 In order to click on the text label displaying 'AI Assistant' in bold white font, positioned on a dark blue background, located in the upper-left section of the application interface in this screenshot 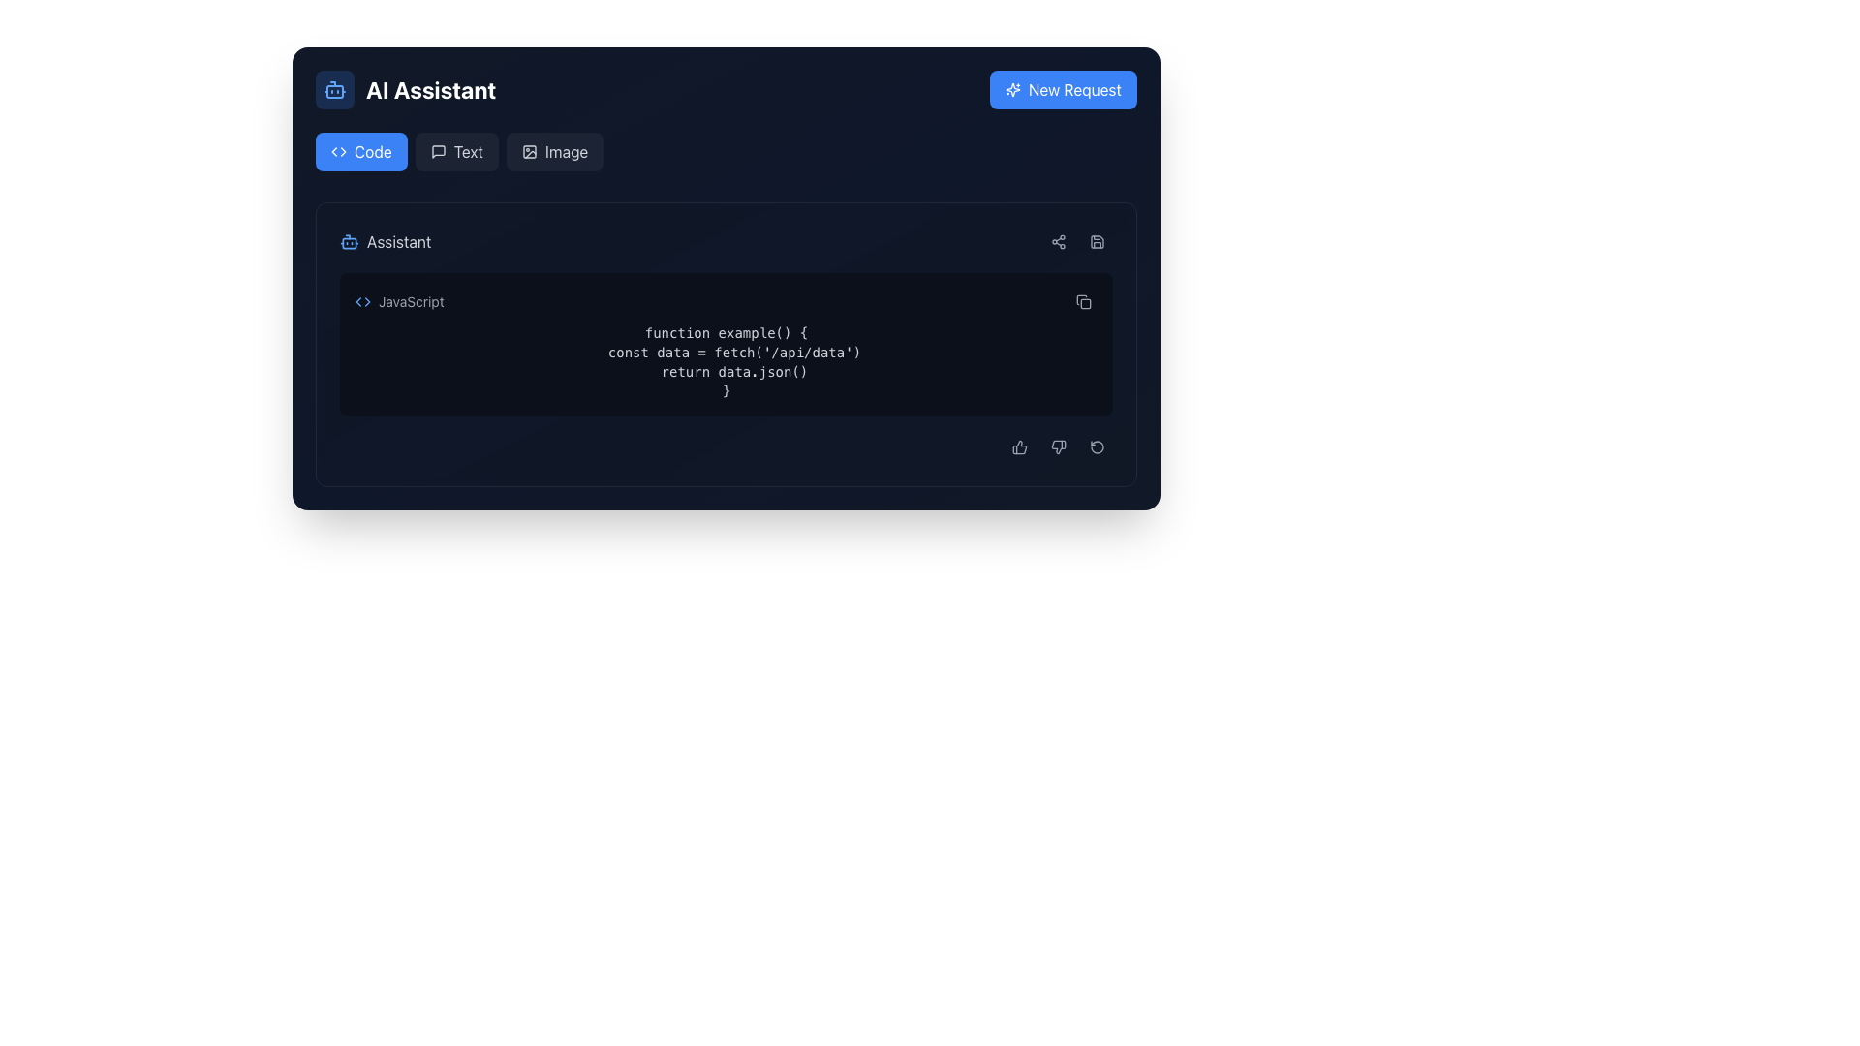, I will do `click(430, 89)`.